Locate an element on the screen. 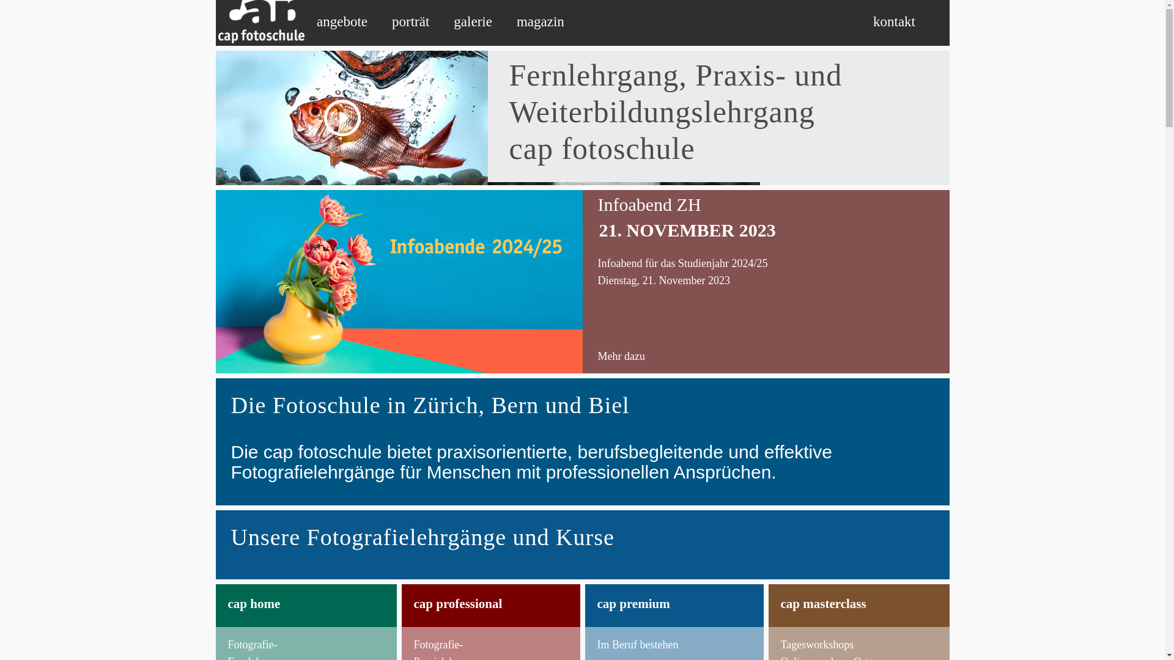 The width and height of the screenshot is (1174, 660). 'angebote' is located at coordinates (342, 21).